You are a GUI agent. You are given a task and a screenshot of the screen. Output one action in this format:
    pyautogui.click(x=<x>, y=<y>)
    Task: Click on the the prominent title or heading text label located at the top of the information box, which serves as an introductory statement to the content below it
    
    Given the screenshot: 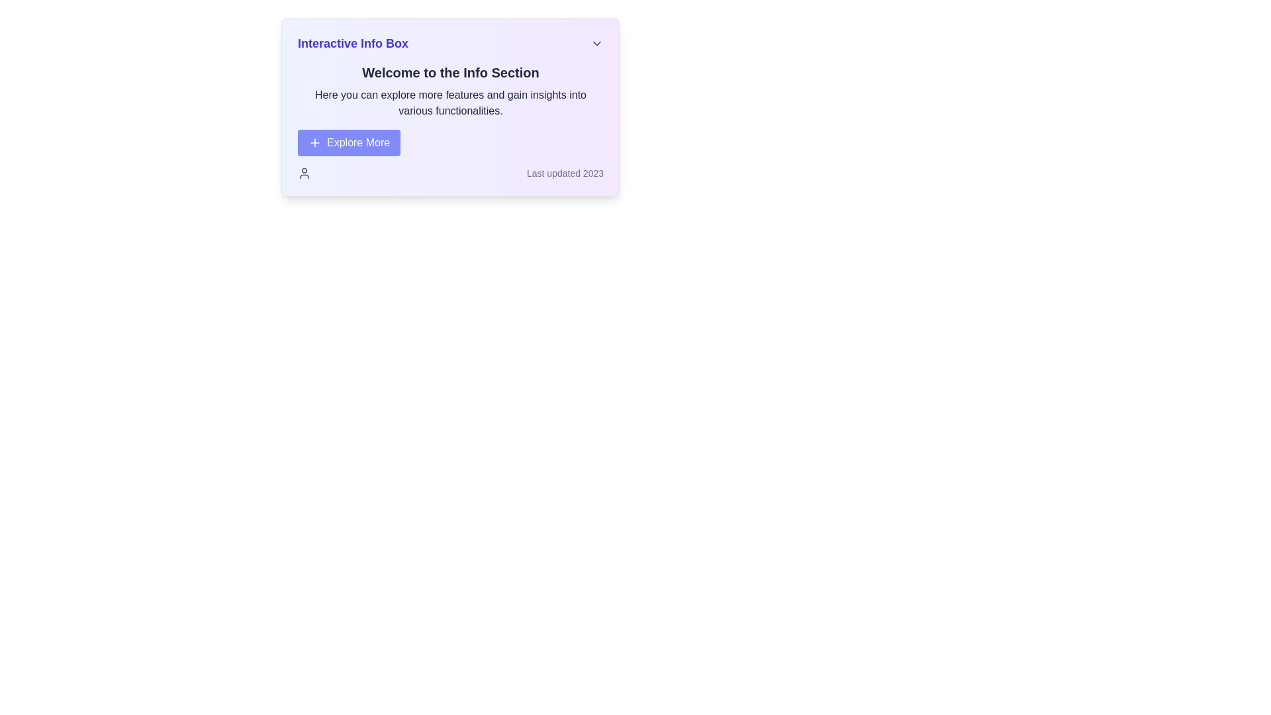 What is the action you would take?
    pyautogui.click(x=451, y=73)
    